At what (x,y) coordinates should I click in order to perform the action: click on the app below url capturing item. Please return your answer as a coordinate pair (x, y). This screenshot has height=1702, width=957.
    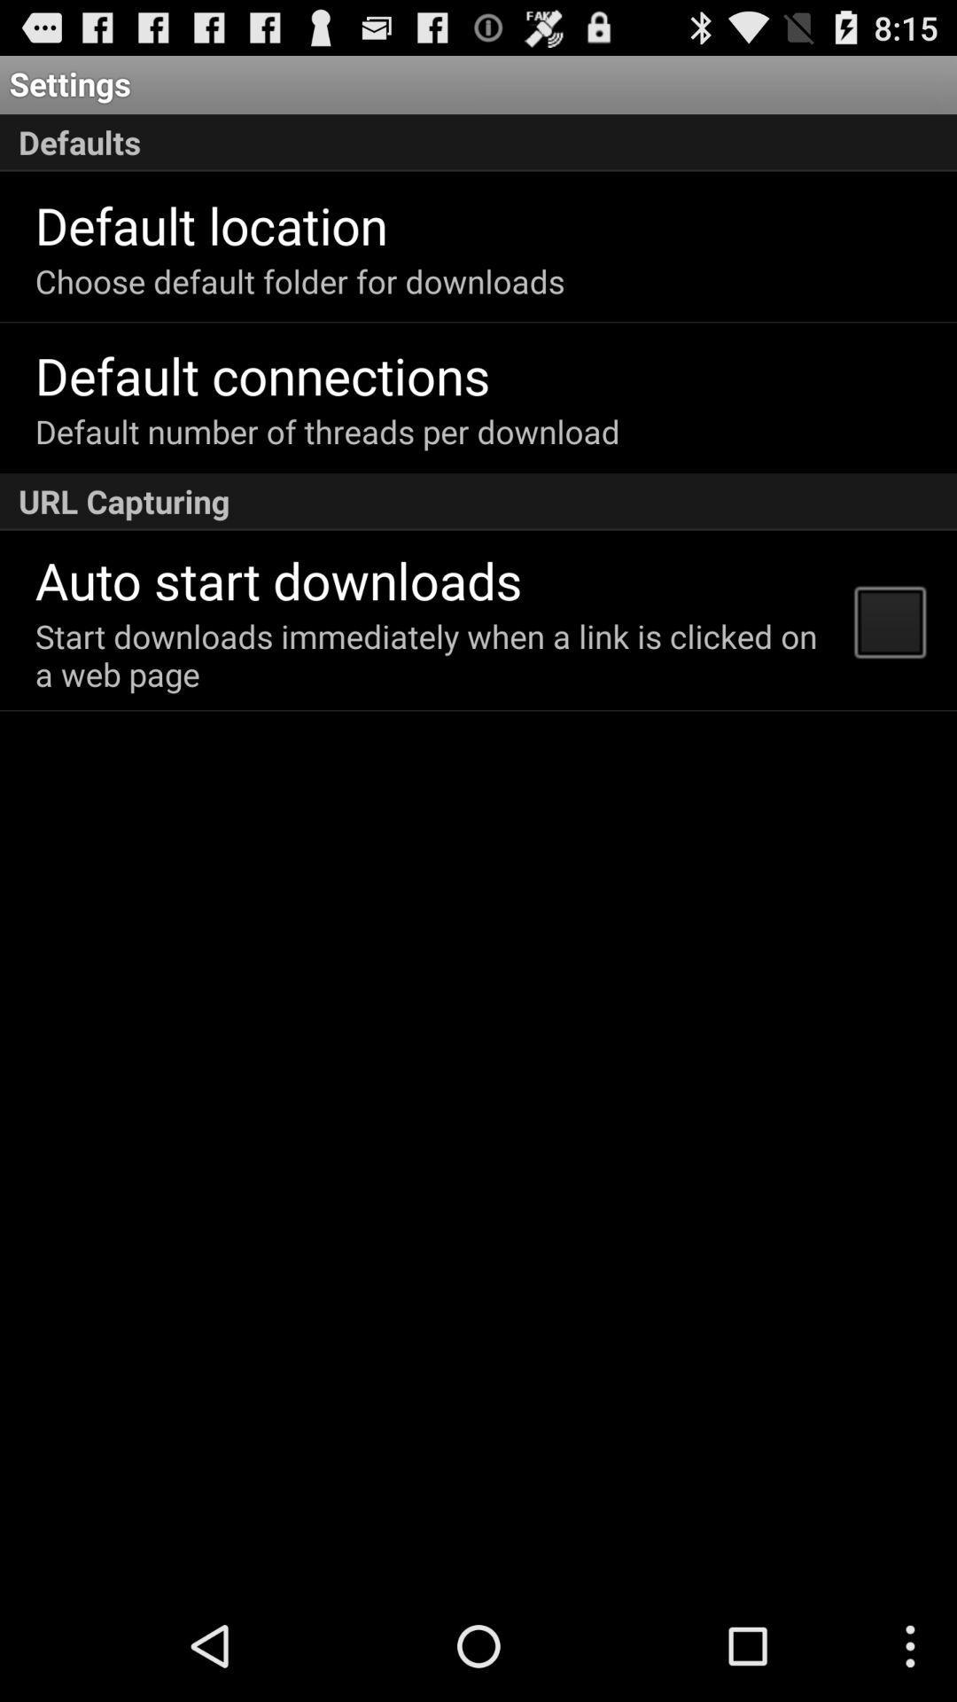
    Looking at the image, I should click on (889, 621).